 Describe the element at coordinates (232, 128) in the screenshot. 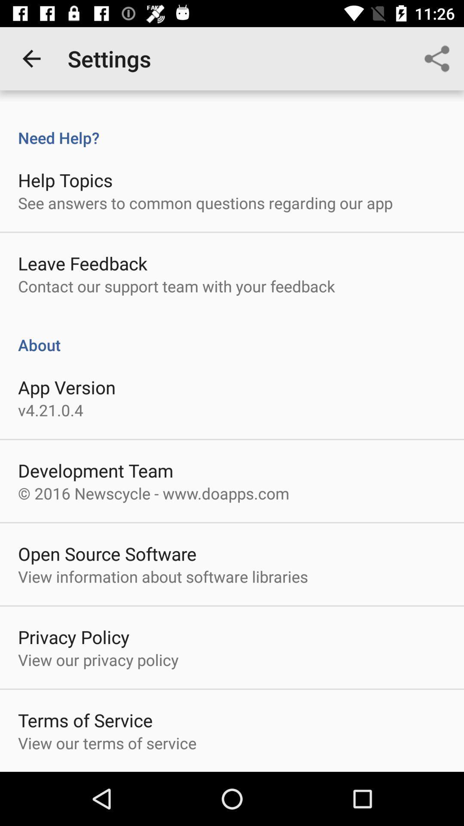

I see `need help? icon` at that location.